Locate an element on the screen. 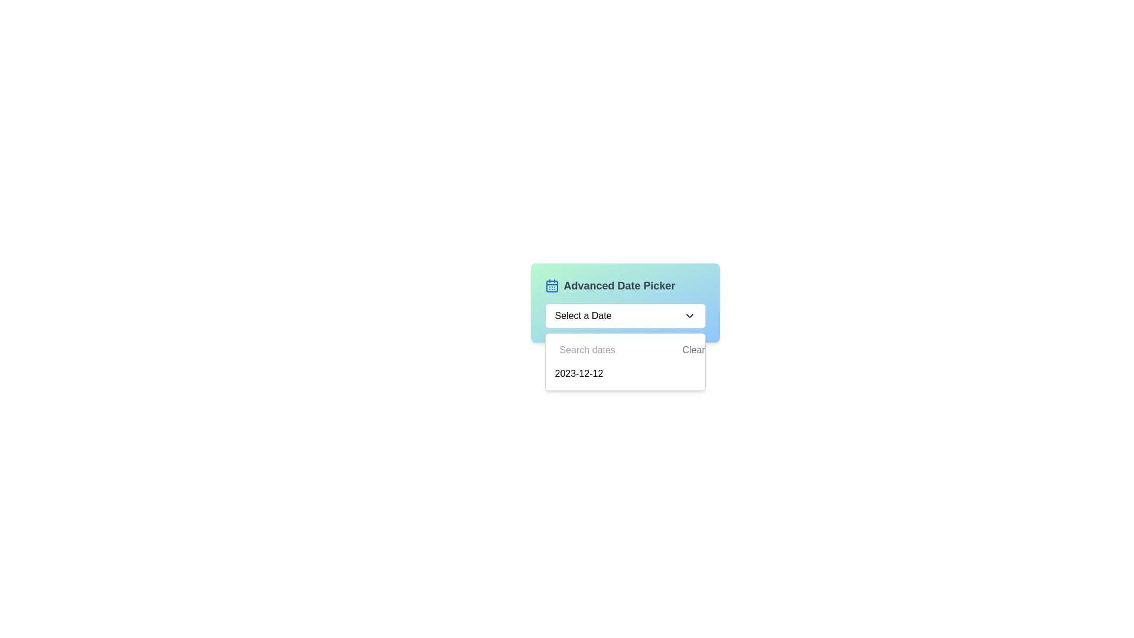  the calendar icon located in the header area of the 'Advanced Date Picker' component, which is positioned at the top-left corner and is the first element to the left of the text label 'Advanced Date Picker' is located at coordinates (551, 285).